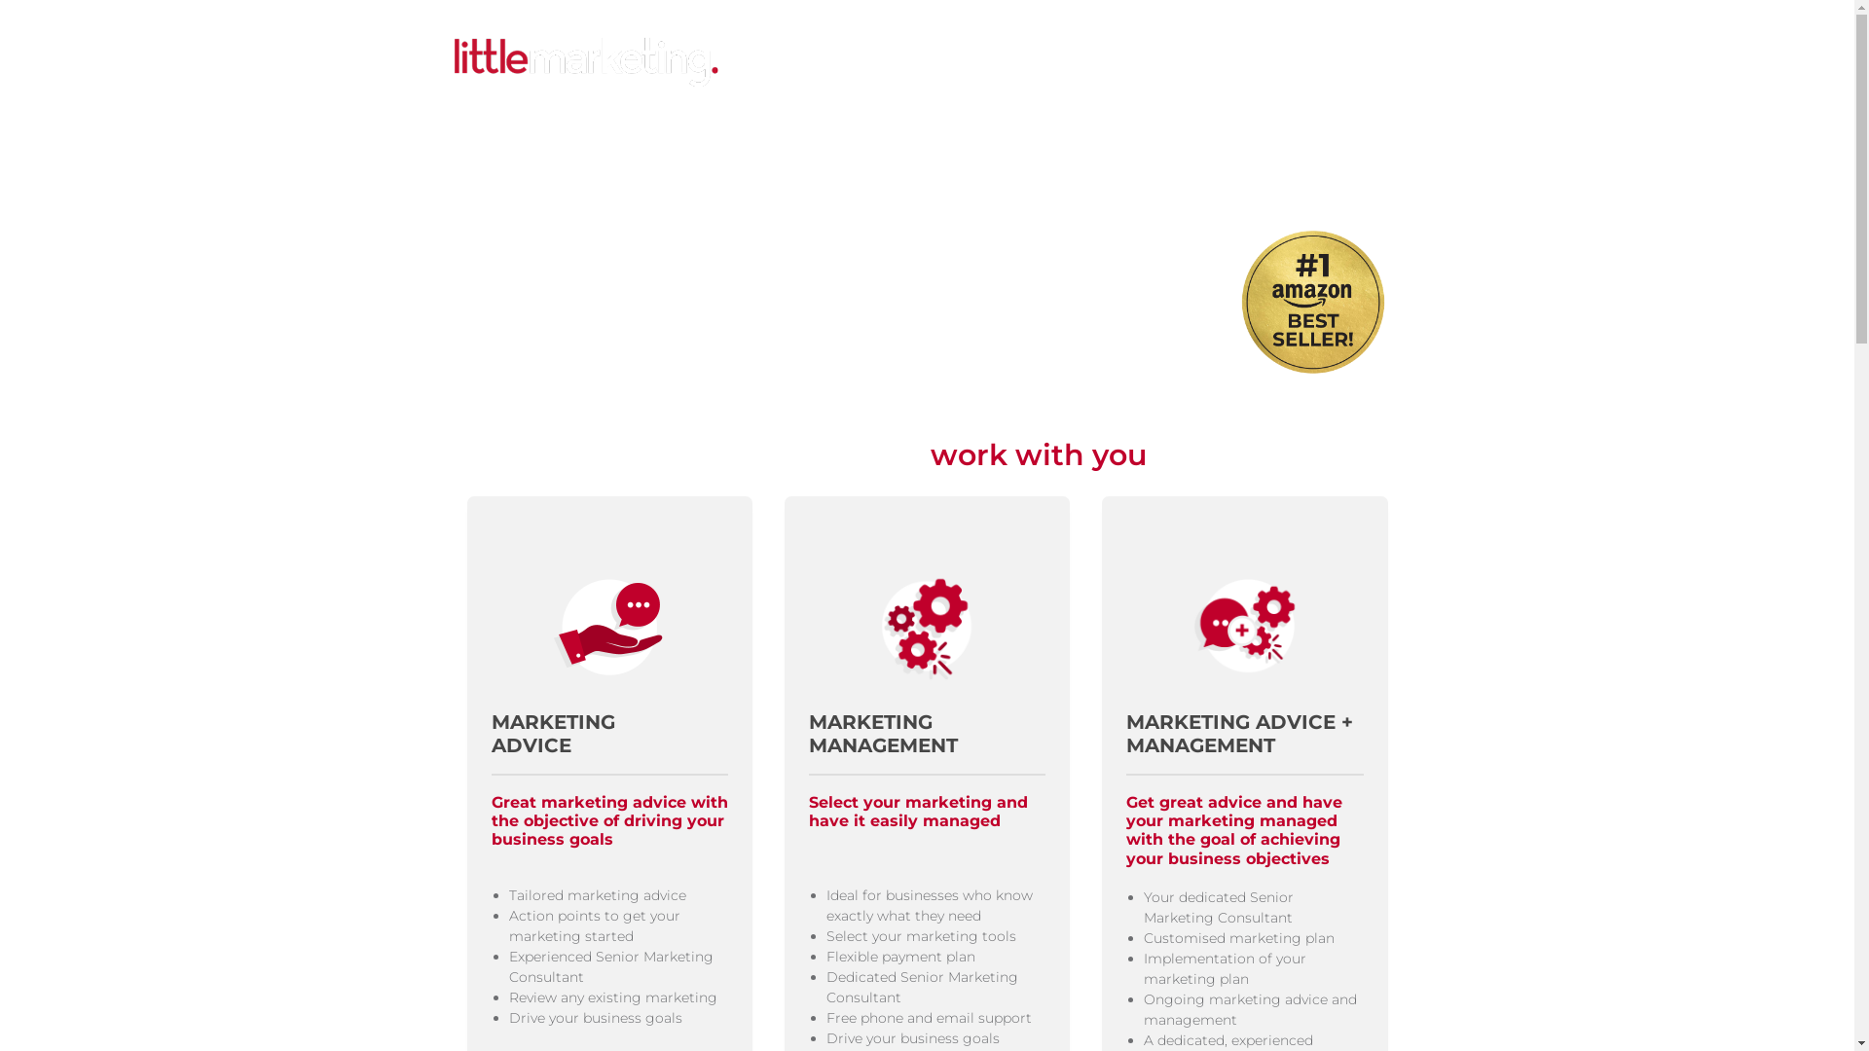 This screenshot has height=1051, width=1869. What do you see at coordinates (1304, 62) in the screenshot?
I see `'CONTACT'` at bounding box center [1304, 62].